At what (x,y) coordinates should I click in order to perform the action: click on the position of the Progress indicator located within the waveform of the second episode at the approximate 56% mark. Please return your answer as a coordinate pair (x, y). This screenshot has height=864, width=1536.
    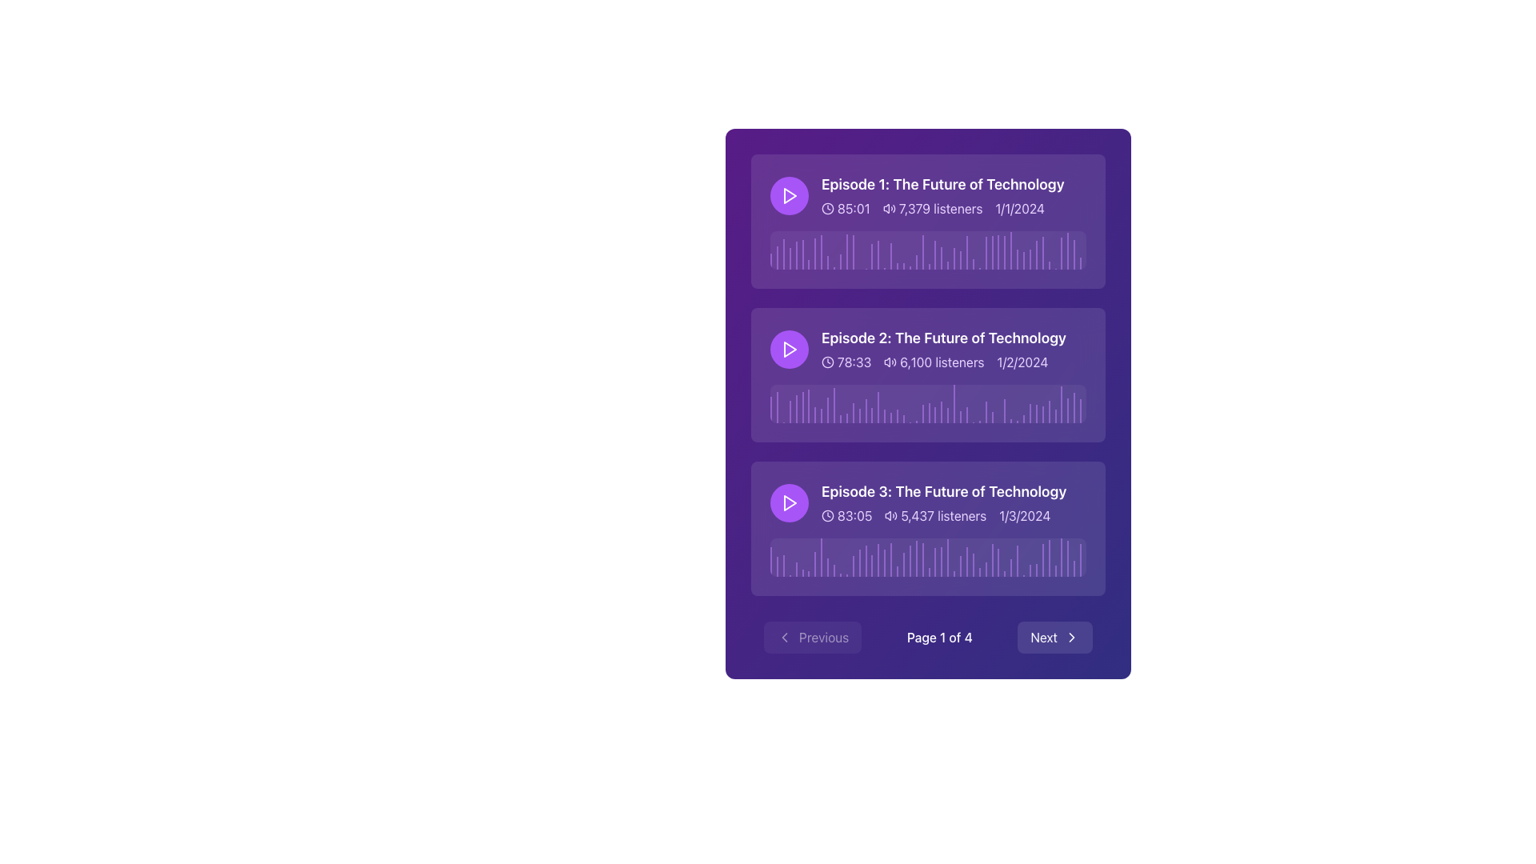
    Looking at the image, I should click on (948, 414).